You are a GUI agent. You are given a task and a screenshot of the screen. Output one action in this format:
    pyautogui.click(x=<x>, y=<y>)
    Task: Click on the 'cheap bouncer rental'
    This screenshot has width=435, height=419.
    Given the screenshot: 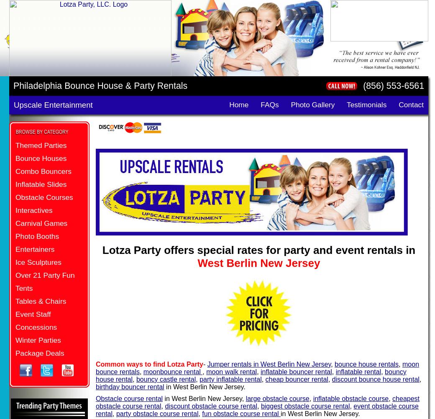 What is the action you would take?
    pyautogui.click(x=296, y=379)
    